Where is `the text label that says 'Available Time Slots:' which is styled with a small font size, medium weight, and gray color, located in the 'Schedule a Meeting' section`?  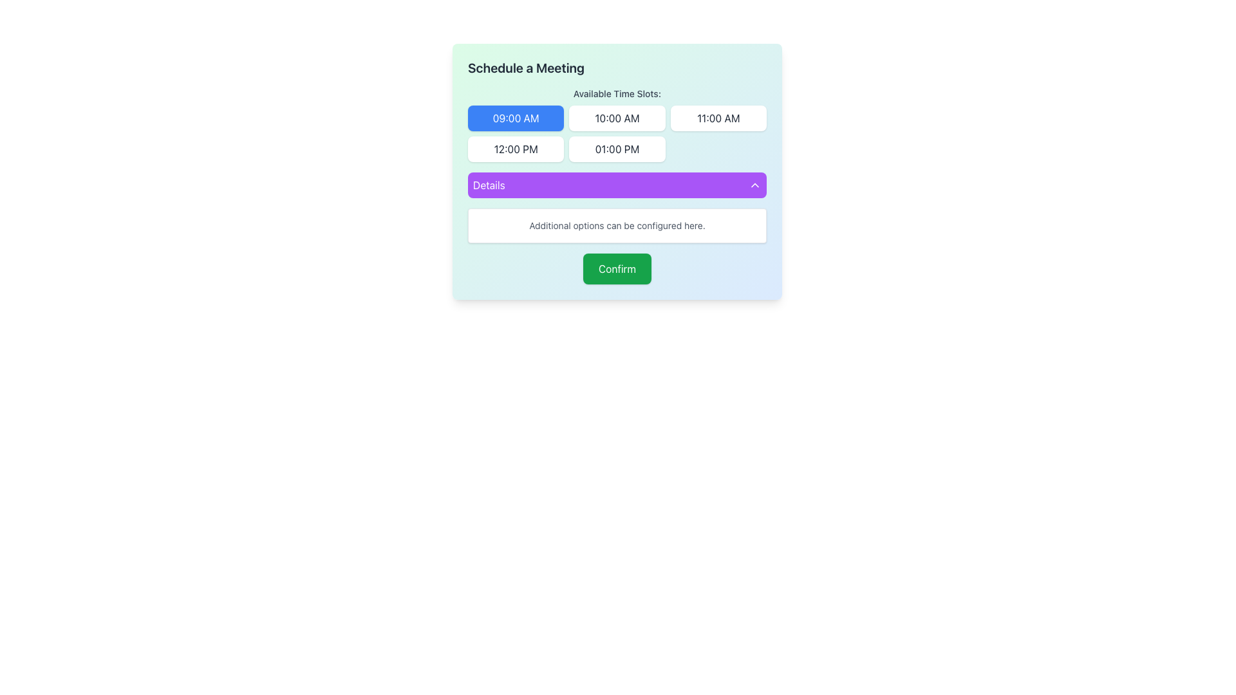 the text label that says 'Available Time Slots:' which is styled with a small font size, medium weight, and gray color, located in the 'Schedule a Meeting' section is located at coordinates (617, 93).